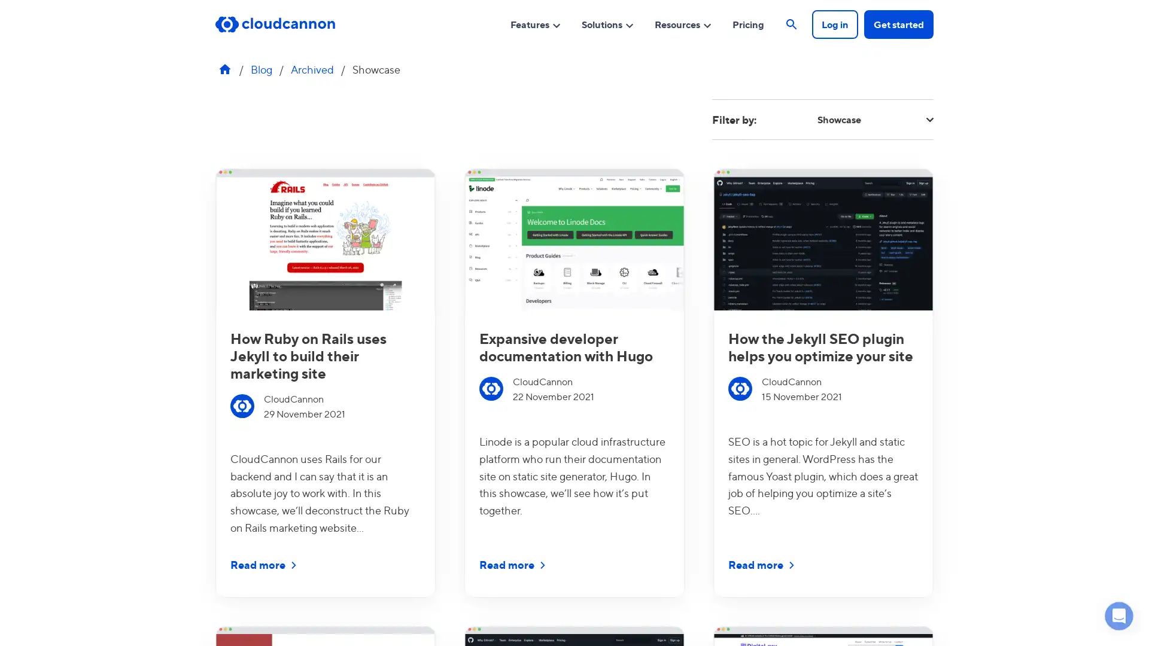 This screenshot has height=646, width=1149. What do you see at coordinates (822, 120) in the screenshot?
I see `Filter by: Showcase` at bounding box center [822, 120].